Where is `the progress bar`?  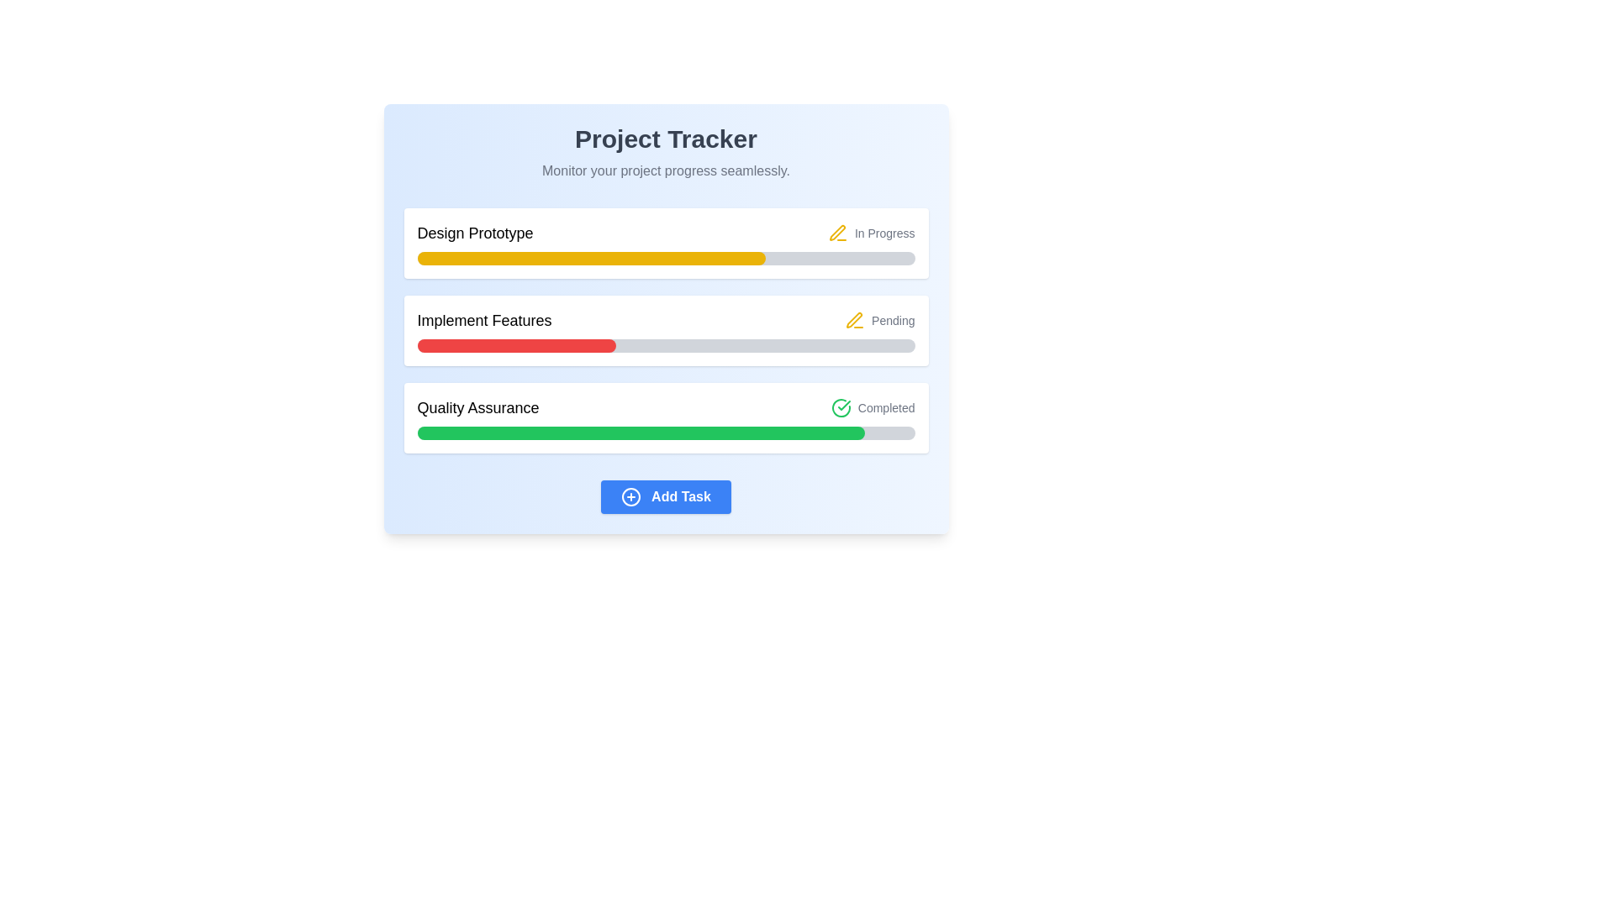 the progress bar is located at coordinates (715, 259).